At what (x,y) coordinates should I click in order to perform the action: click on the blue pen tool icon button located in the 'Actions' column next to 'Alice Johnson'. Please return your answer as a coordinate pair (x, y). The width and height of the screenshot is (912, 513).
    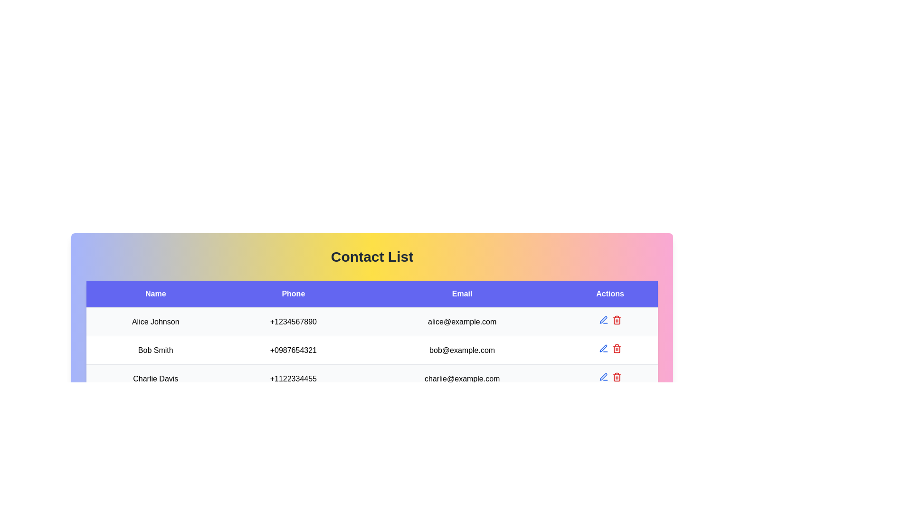
    Looking at the image, I should click on (603, 377).